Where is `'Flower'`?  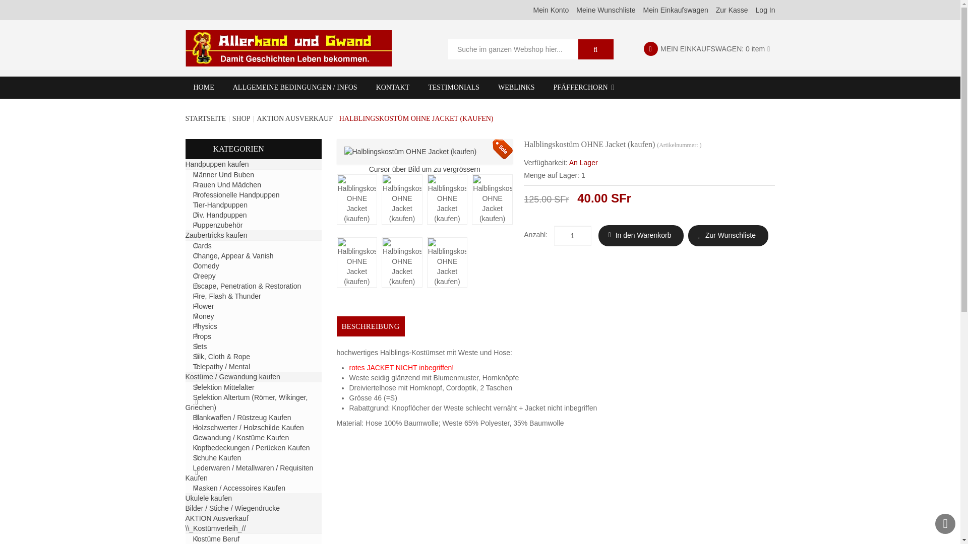 'Flower' is located at coordinates (203, 306).